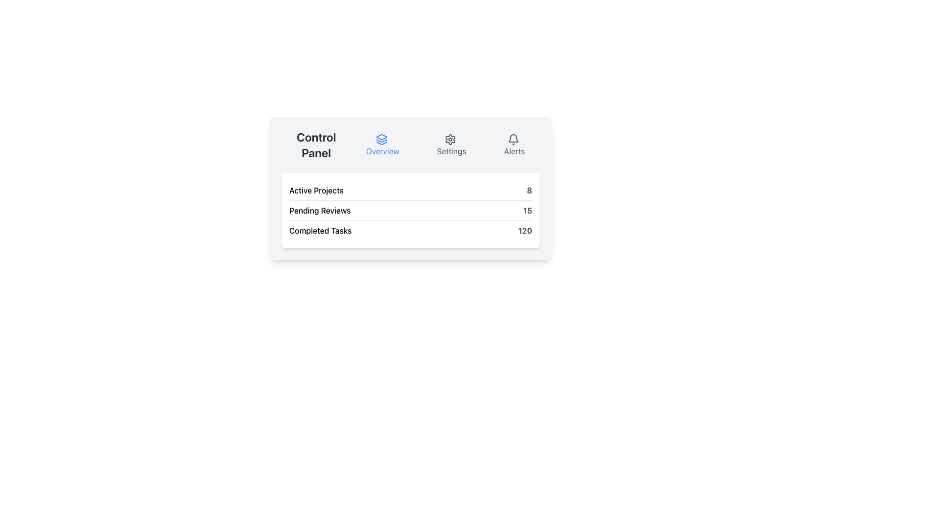 This screenshot has width=940, height=529. Describe the element at coordinates (381, 137) in the screenshot. I see `the 'Overview' or 'Layers' icon located in the navigation bar beneath the 'Control Panel' heading` at that location.